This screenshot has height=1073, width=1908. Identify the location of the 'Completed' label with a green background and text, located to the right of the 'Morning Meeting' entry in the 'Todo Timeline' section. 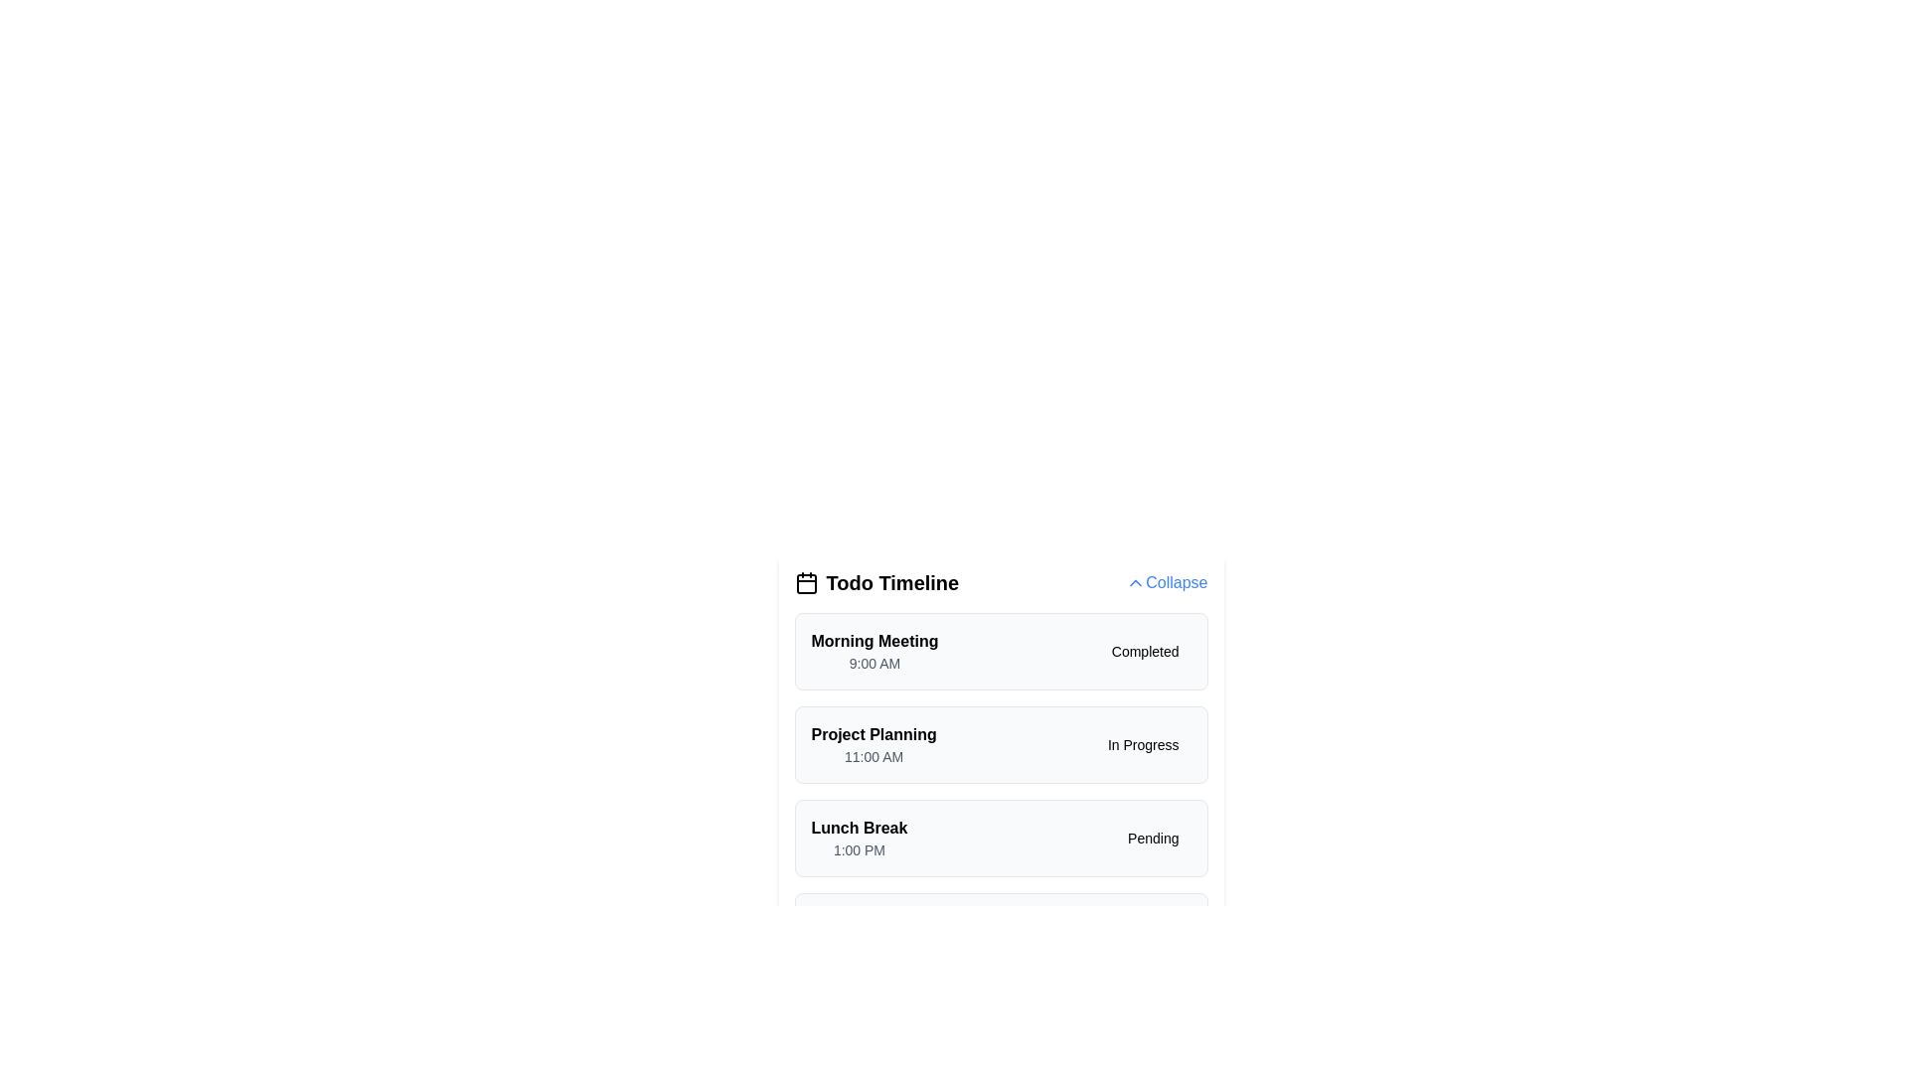
(1145, 651).